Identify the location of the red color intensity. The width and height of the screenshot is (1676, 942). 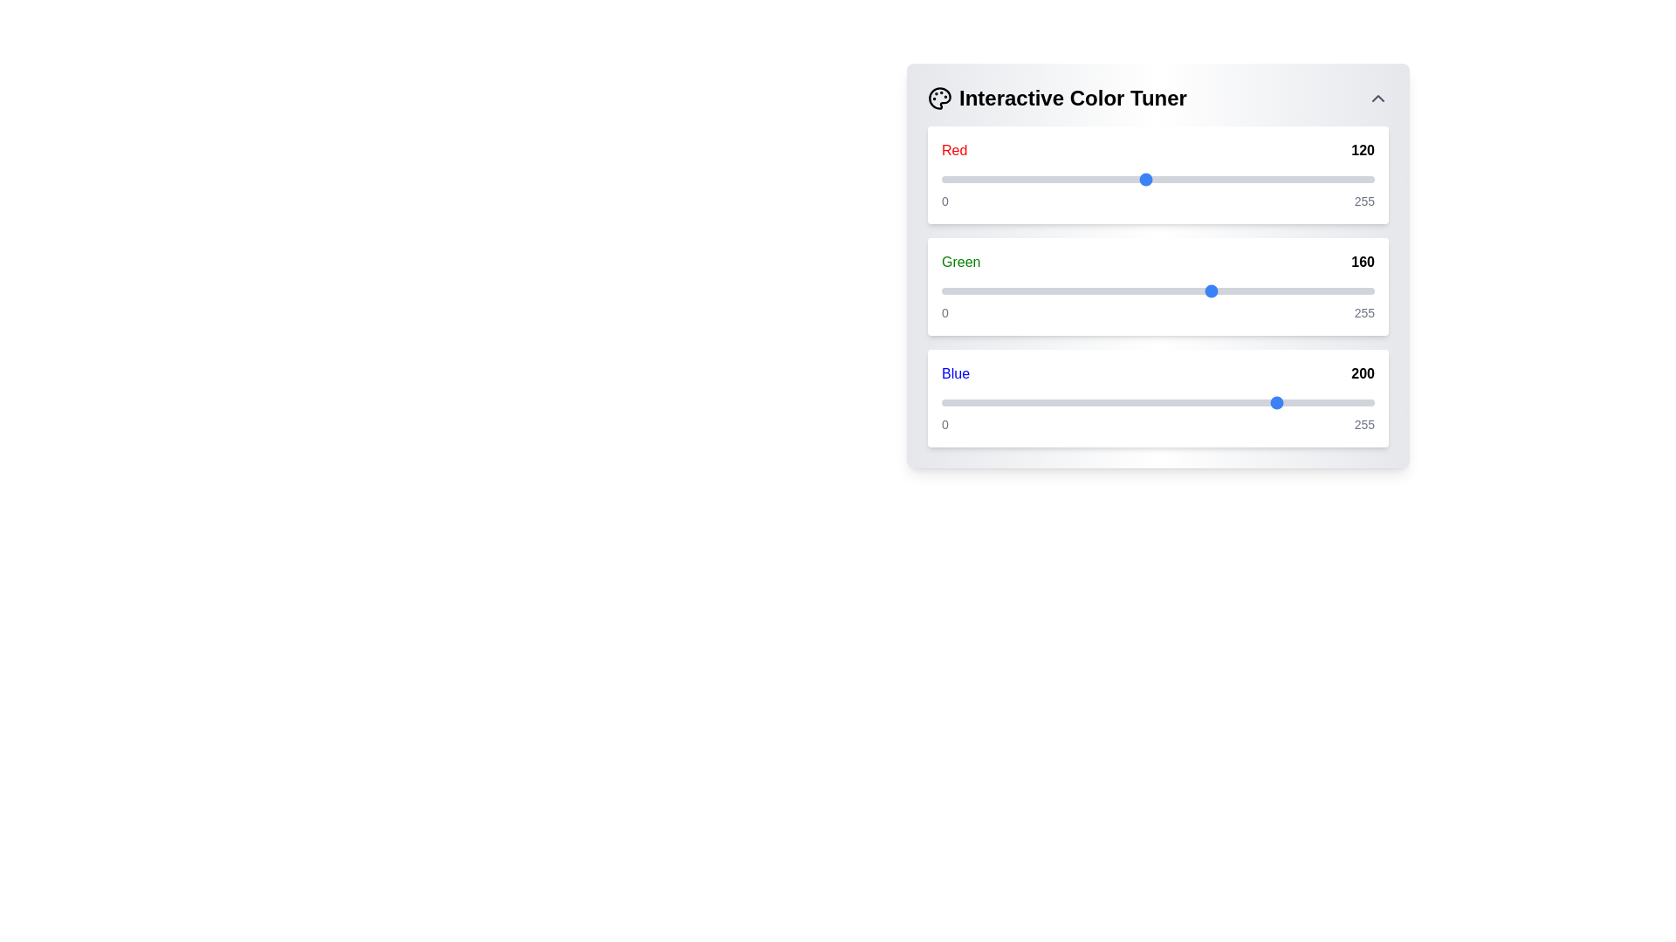
(1344, 179).